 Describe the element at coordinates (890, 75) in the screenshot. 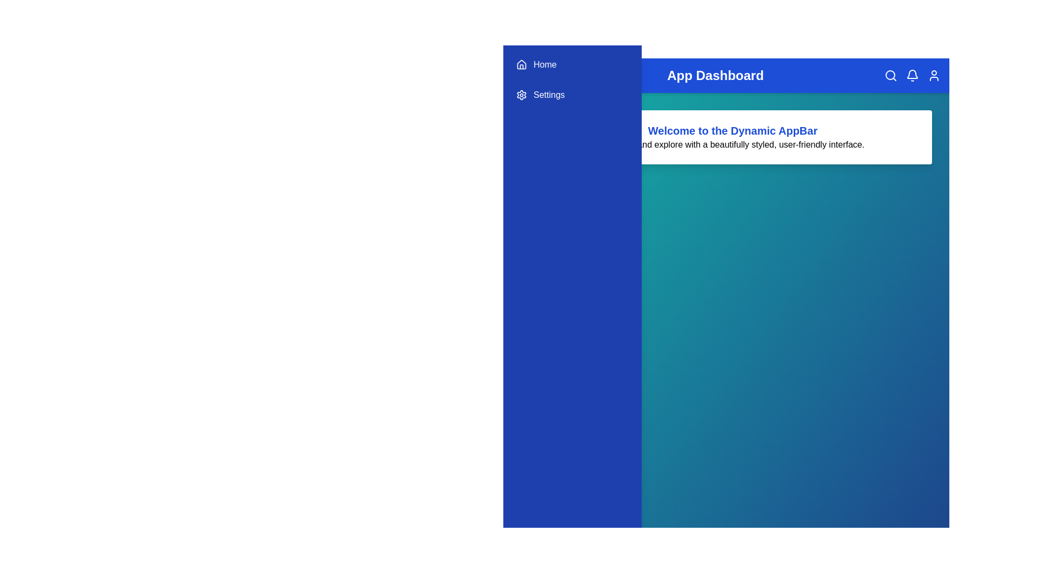

I see `the magnifying glass icon to initiate a search` at that location.